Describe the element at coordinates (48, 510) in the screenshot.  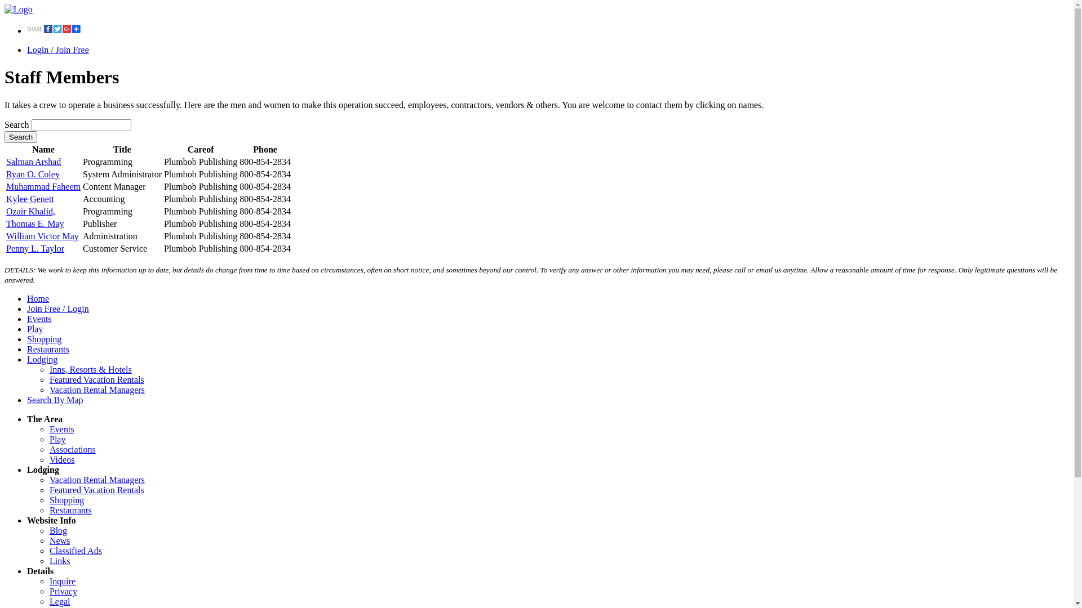
I see `'Restaurants'` at that location.